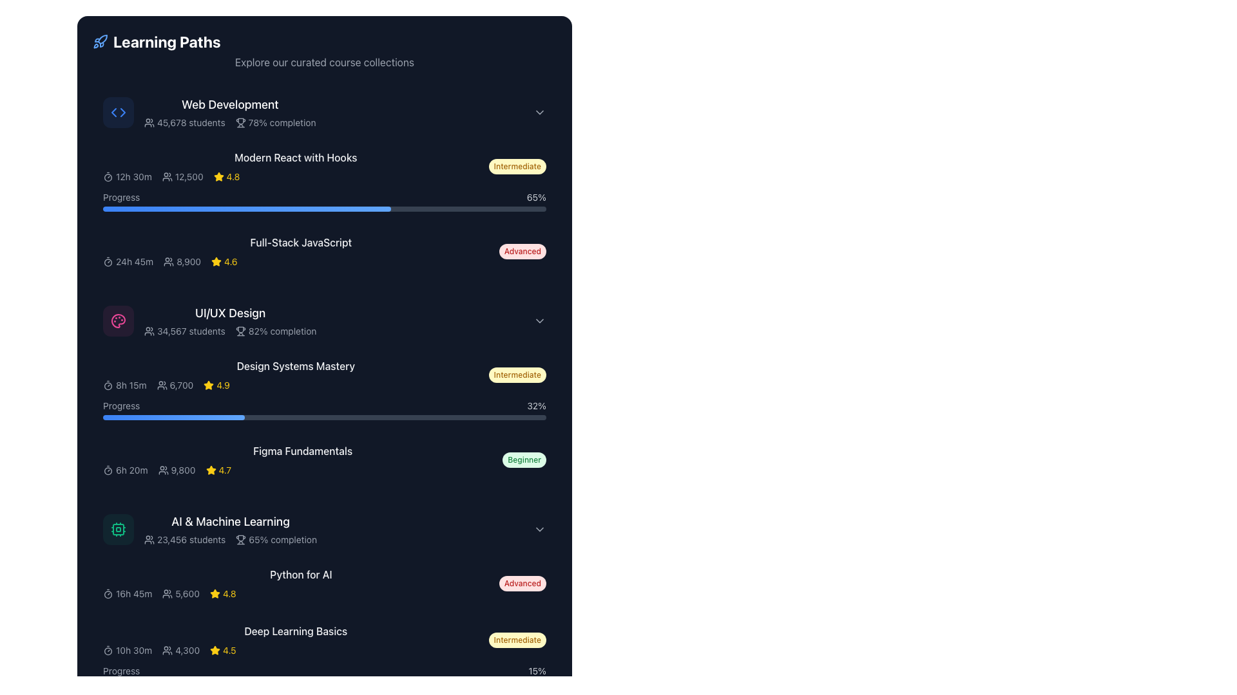 This screenshot has height=695, width=1237. Describe the element at coordinates (209, 384) in the screenshot. I see `the rating icon representing a high feedback indicator for the course 'Design Systems Mastery', located on the right side of the course entry` at that location.